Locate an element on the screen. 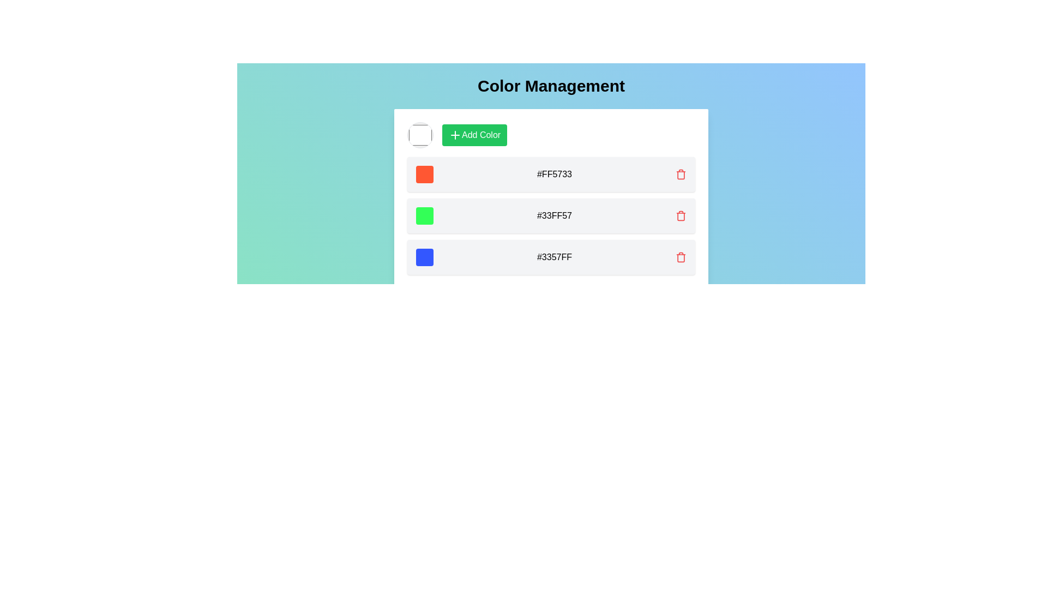  a color using the circular color picker located on the left side of the 'Add Color' button in the horizontal group under the 'Color Management' title is located at coordinates (551, 134).